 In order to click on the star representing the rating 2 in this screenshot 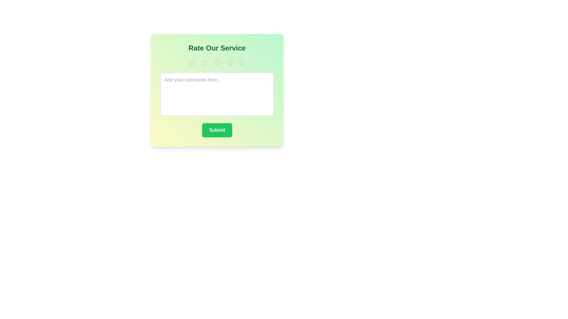, I will do `click(204, 63)`.